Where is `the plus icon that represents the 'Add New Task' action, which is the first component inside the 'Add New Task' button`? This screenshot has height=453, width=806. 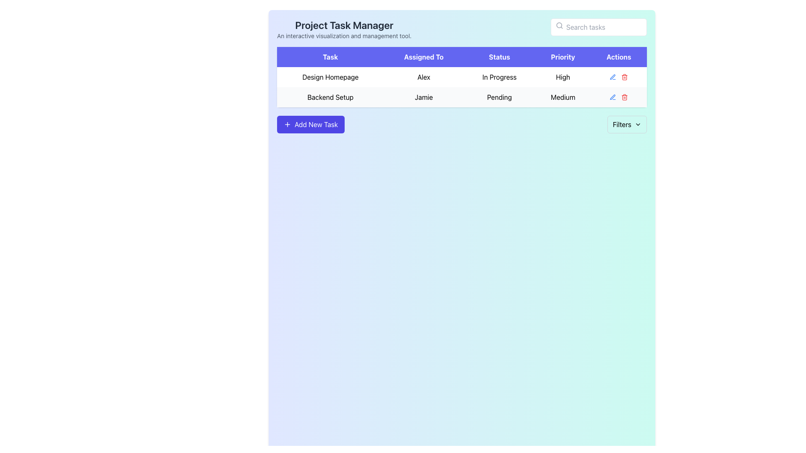
the plus icon that represents the 'Add New Task' action, which is the first component inside the 'Add New Task' button is located at coordinates (288, 125).